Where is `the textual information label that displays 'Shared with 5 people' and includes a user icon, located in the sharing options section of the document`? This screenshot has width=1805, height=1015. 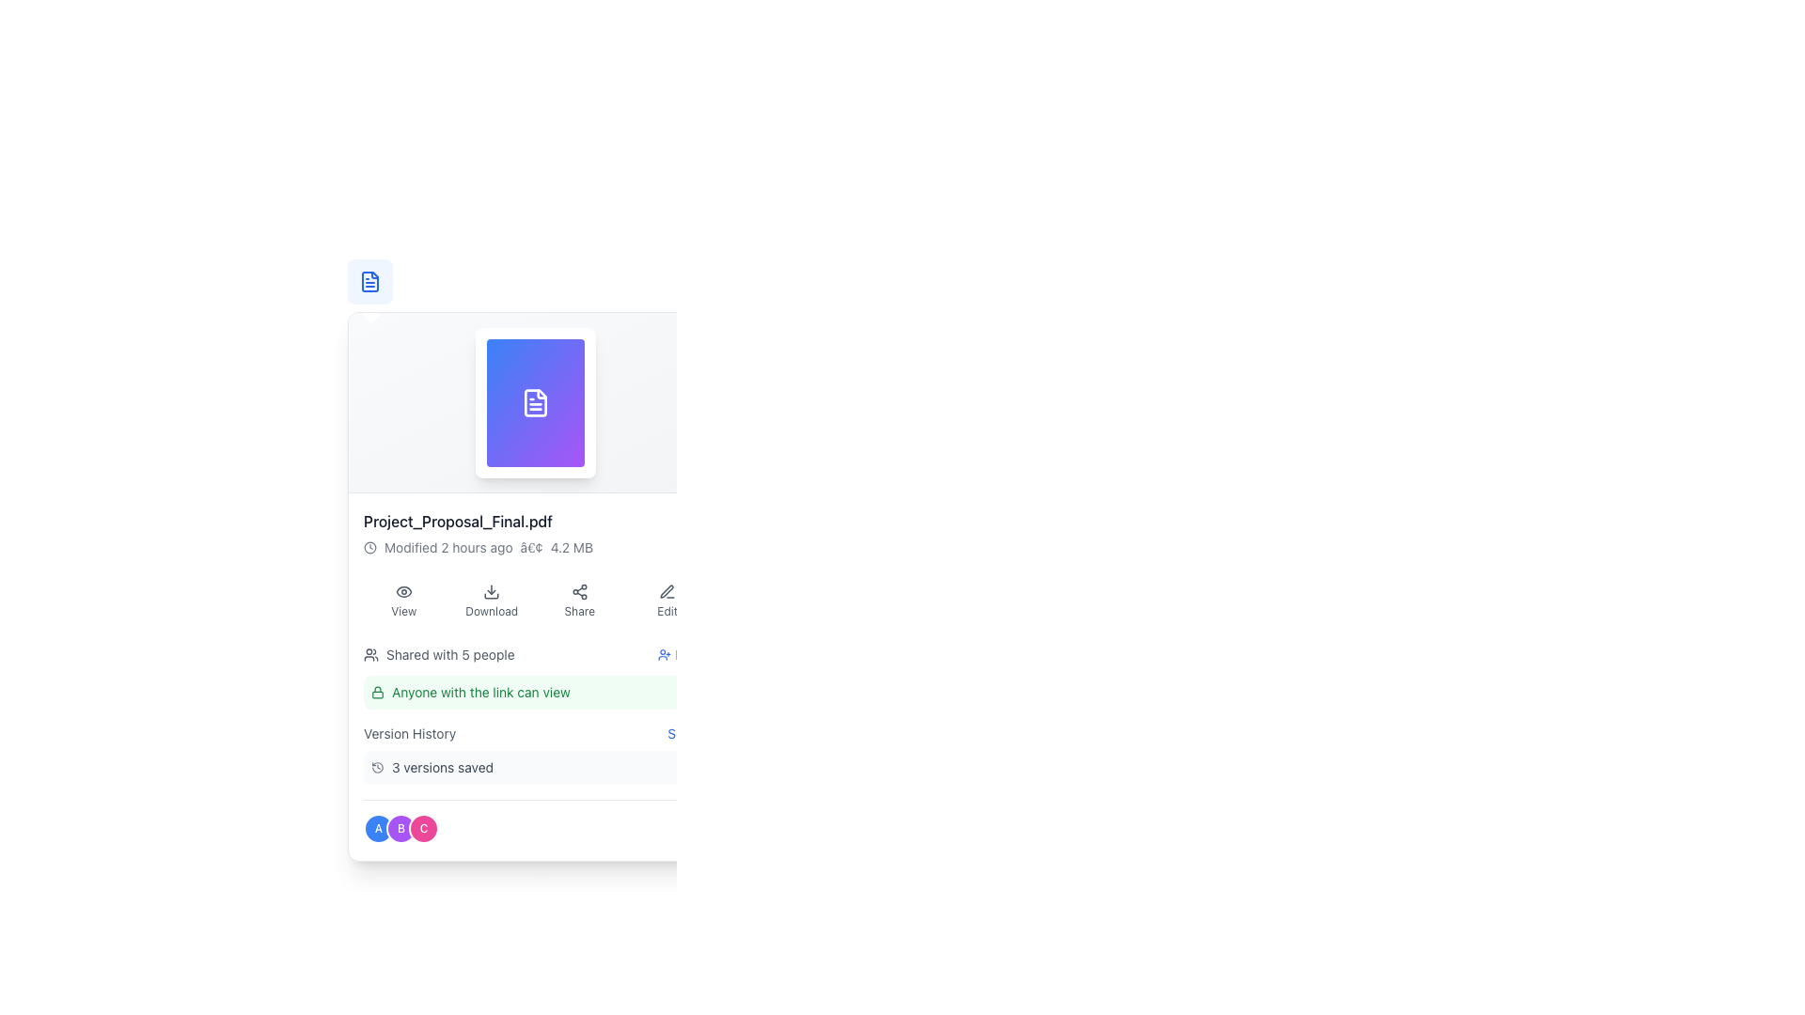 the textual information label that displays 'Shared with 5 people' and includes a user icon, located in the sharing options section of the document is located at coordinates (438, 654).